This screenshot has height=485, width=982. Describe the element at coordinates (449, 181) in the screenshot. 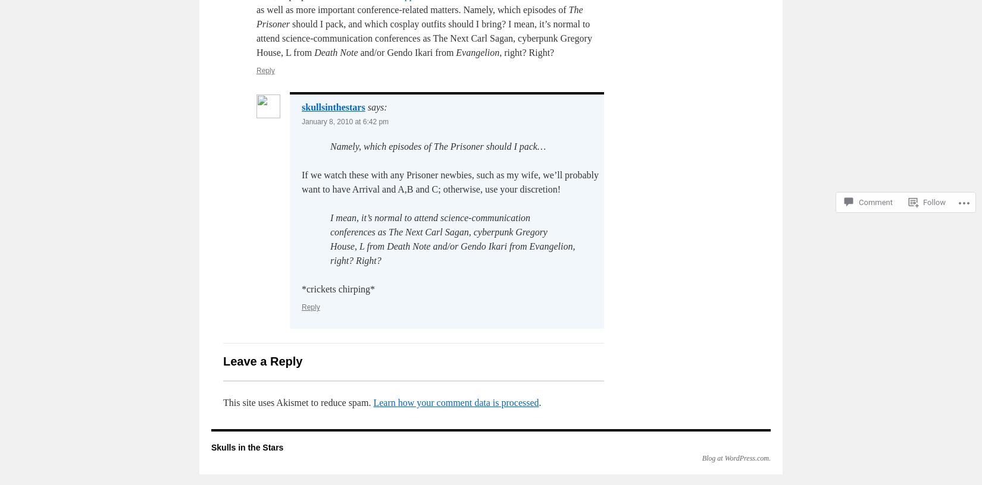

I see `'If we watch these with any Prisoner newbies, such as my wife, we’ll probably want to have Arrival and A,B and C; otherwise, use your discretion!'` at that location.